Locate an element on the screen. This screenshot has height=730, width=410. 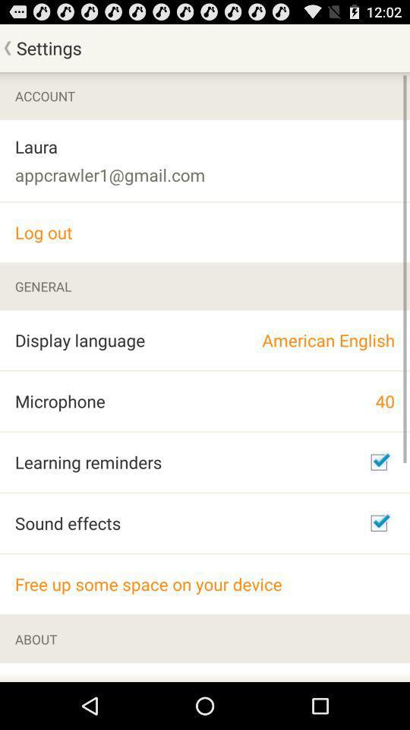
sound effects option is located at coordinates (378, 523).